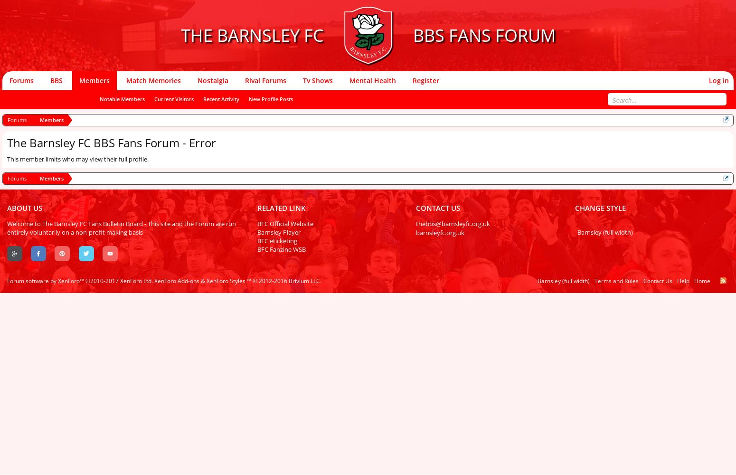 The height and width of the screenshot is (475, 736). What do you see at coordinates (176, 280) in the screenshot?
I see `'XenForo Add-ons'` at bounding box center [176, 280].